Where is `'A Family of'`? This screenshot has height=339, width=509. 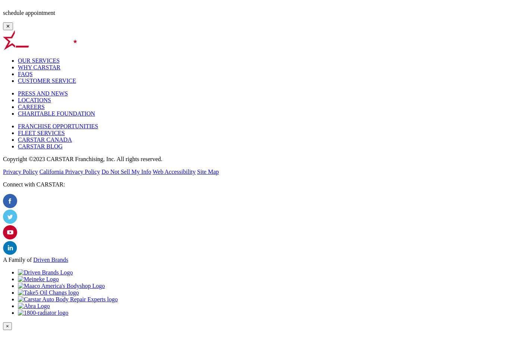
'A Family of' is located at coordinates (3, 260).